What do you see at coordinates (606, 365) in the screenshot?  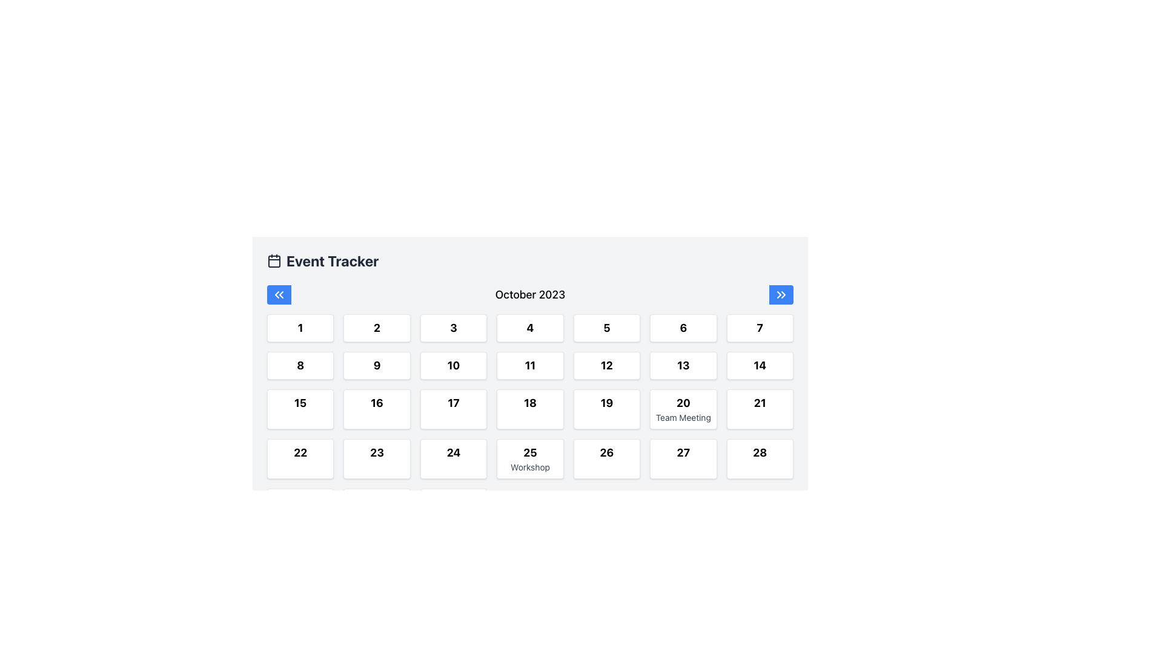 I see `the prominently displayed number '12' in bold font located in the fourth row, third column of the calendar grid` at bounding box center [606, 365].